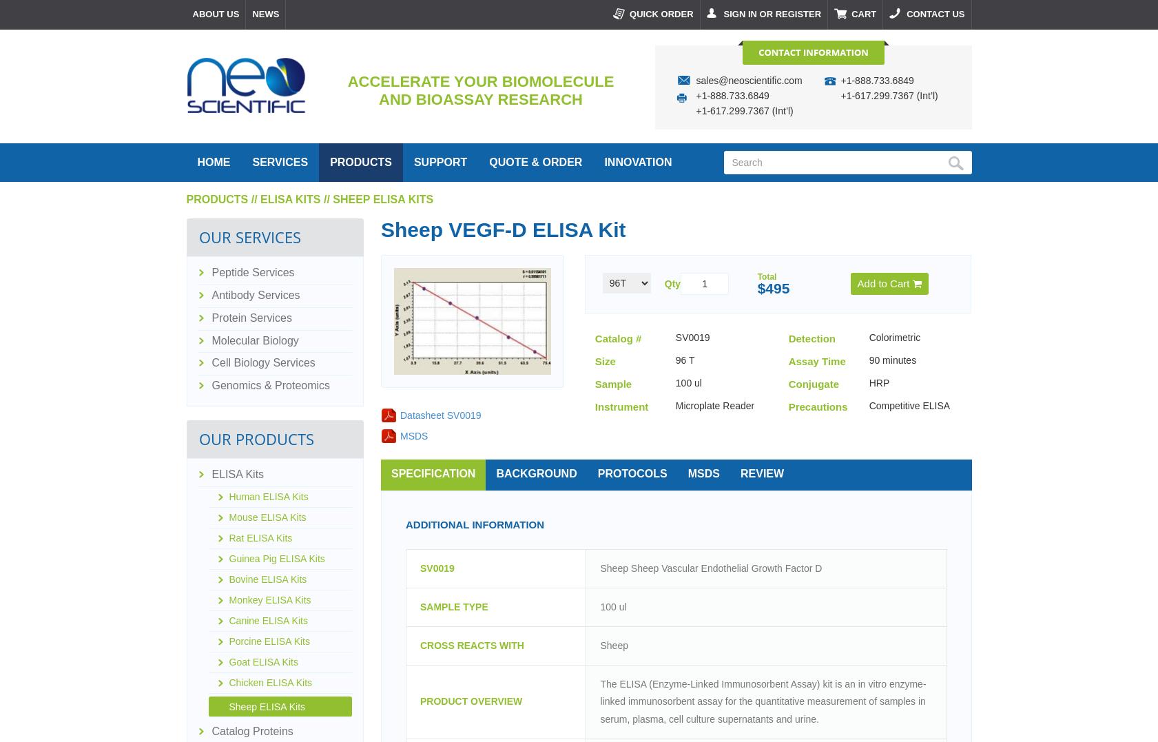 This screenshot has height=742, width=1158. Describe the element at coordinates (474, 523) in the screenshot. I see `'Additional Information'` at that location.